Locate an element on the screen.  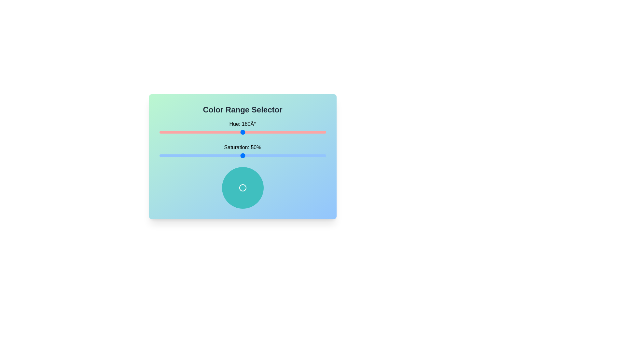
the saturation slider to set the saturation to 93% is located at coordinates (314, 155).